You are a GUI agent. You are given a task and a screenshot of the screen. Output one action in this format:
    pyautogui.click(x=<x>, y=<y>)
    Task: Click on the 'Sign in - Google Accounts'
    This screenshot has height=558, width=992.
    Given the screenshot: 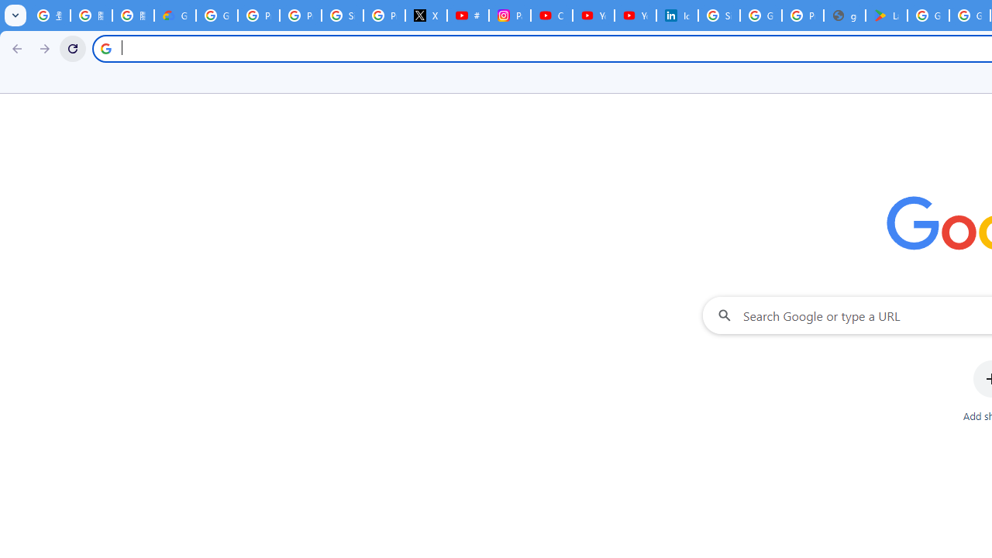 What is the action you would take?
    pyautogui.click(x=341, y=15)
    